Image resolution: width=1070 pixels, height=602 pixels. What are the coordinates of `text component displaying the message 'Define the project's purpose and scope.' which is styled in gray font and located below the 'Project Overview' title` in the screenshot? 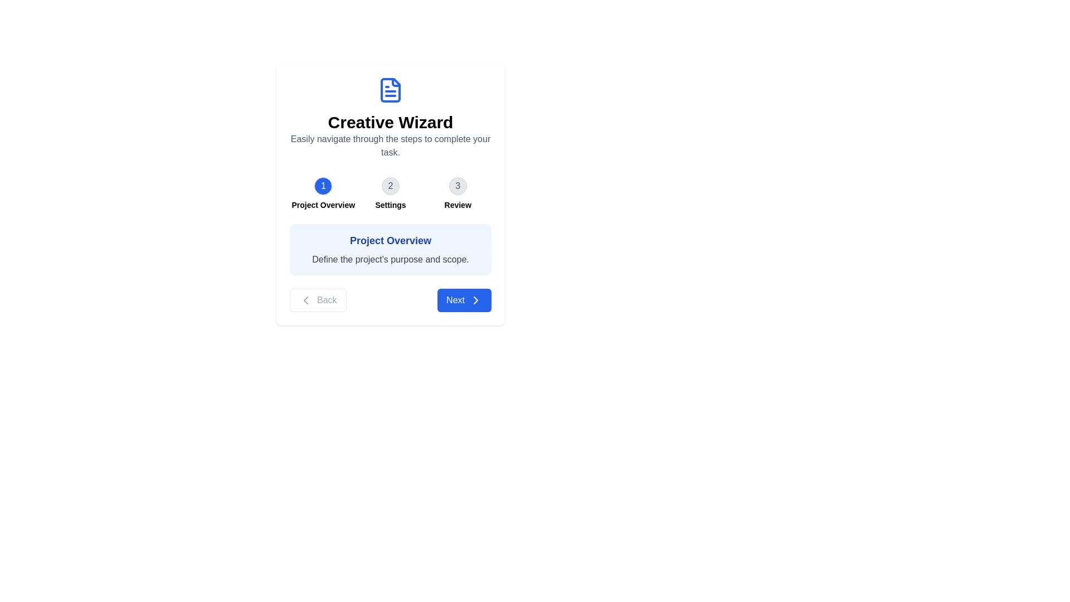 It's located at (390, 260).